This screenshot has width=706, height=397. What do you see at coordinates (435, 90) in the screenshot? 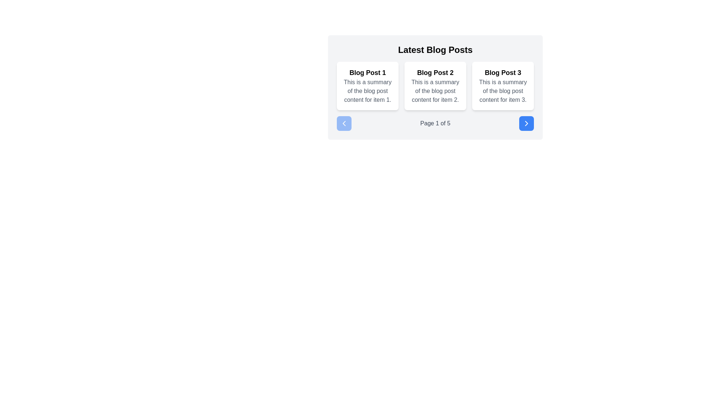
I see `the text block styled with a gray font color that reads: 'This is a summary of the blog post content for item 2.' located under the heading 'Blog Post 2' within the second card of the 'Latest Blog Posts' section` at bounding box center [435, 90].